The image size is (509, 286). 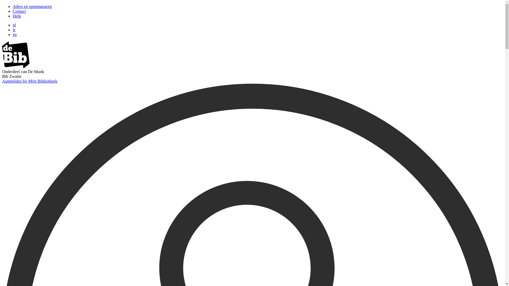 What do you see at coordinates (17, 16) in the screenshot?
I see `'Help'` at bounding box center [17, 16].